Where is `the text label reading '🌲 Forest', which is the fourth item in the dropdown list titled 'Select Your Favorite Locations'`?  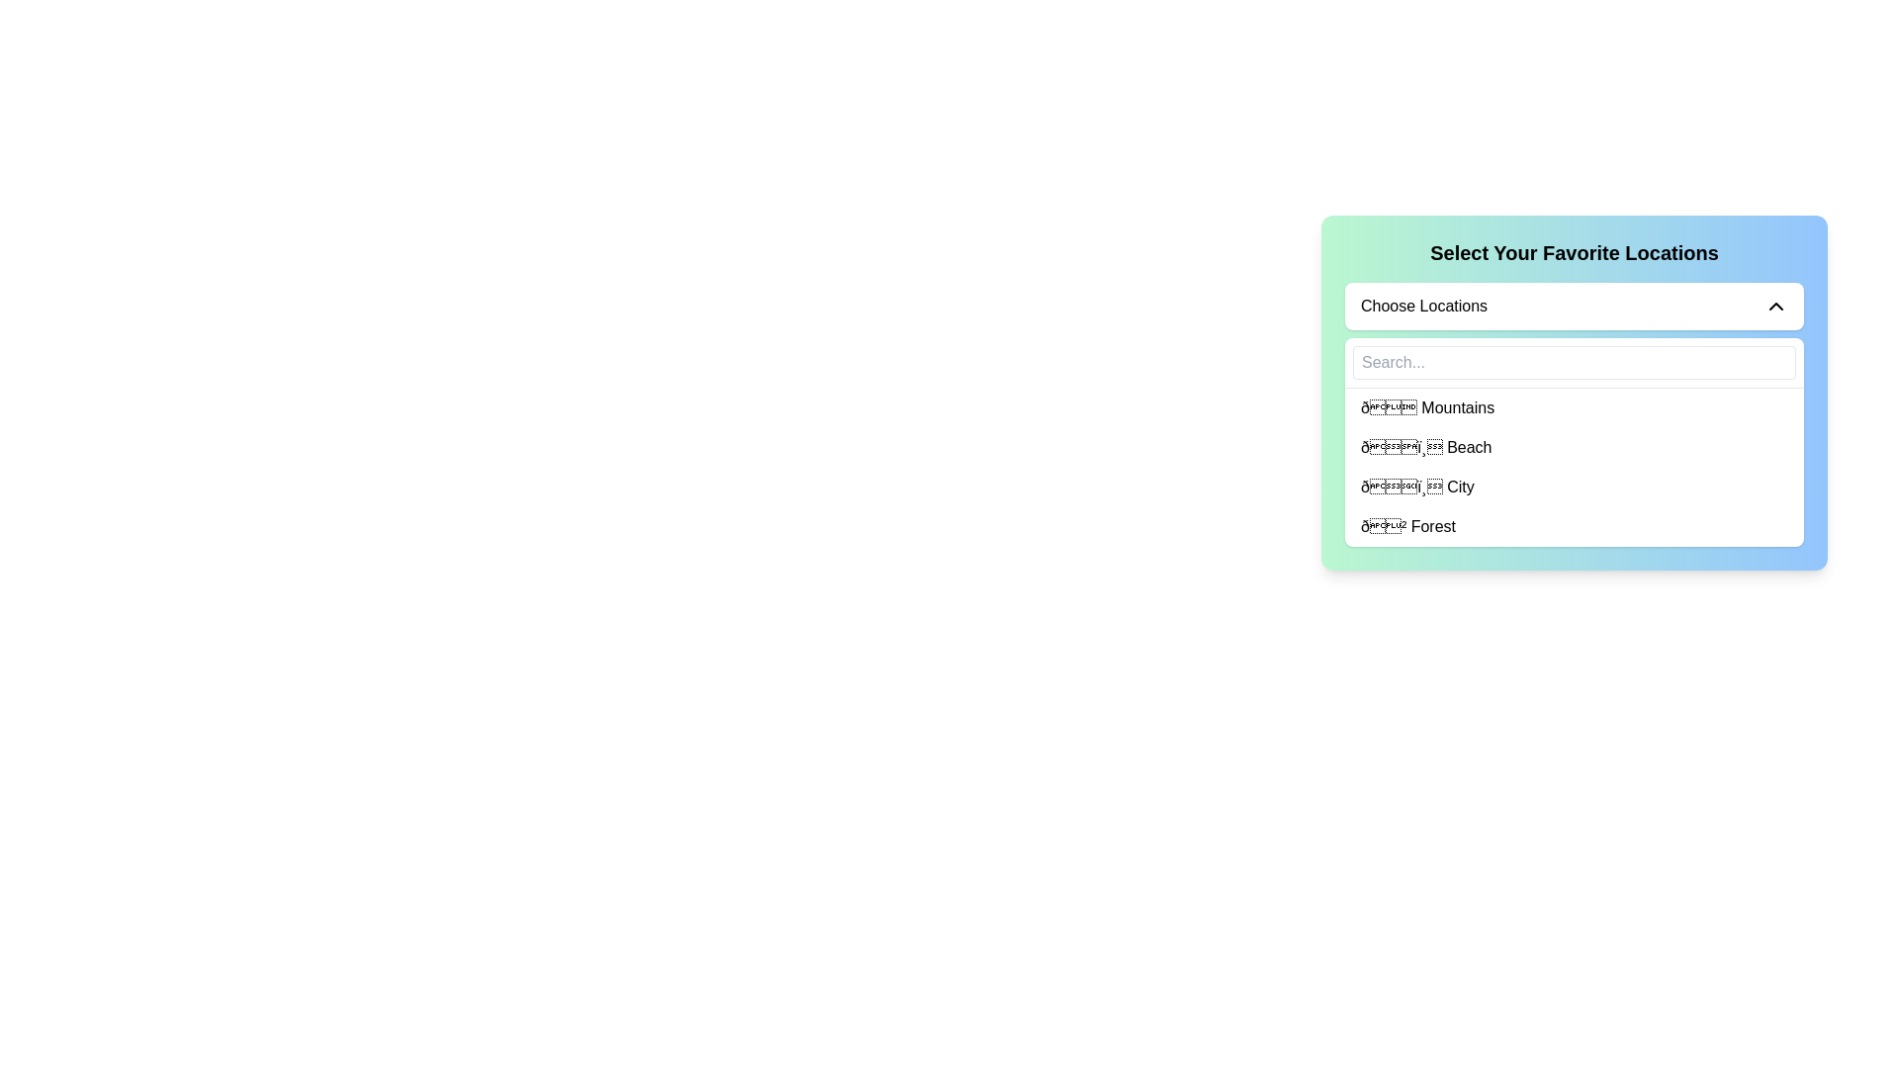 the text label reading '🌲 Forest', which is the fourth item in the dropdown list titled 'Select Your Favorite Locations' is located at coordinates (1407, 525).